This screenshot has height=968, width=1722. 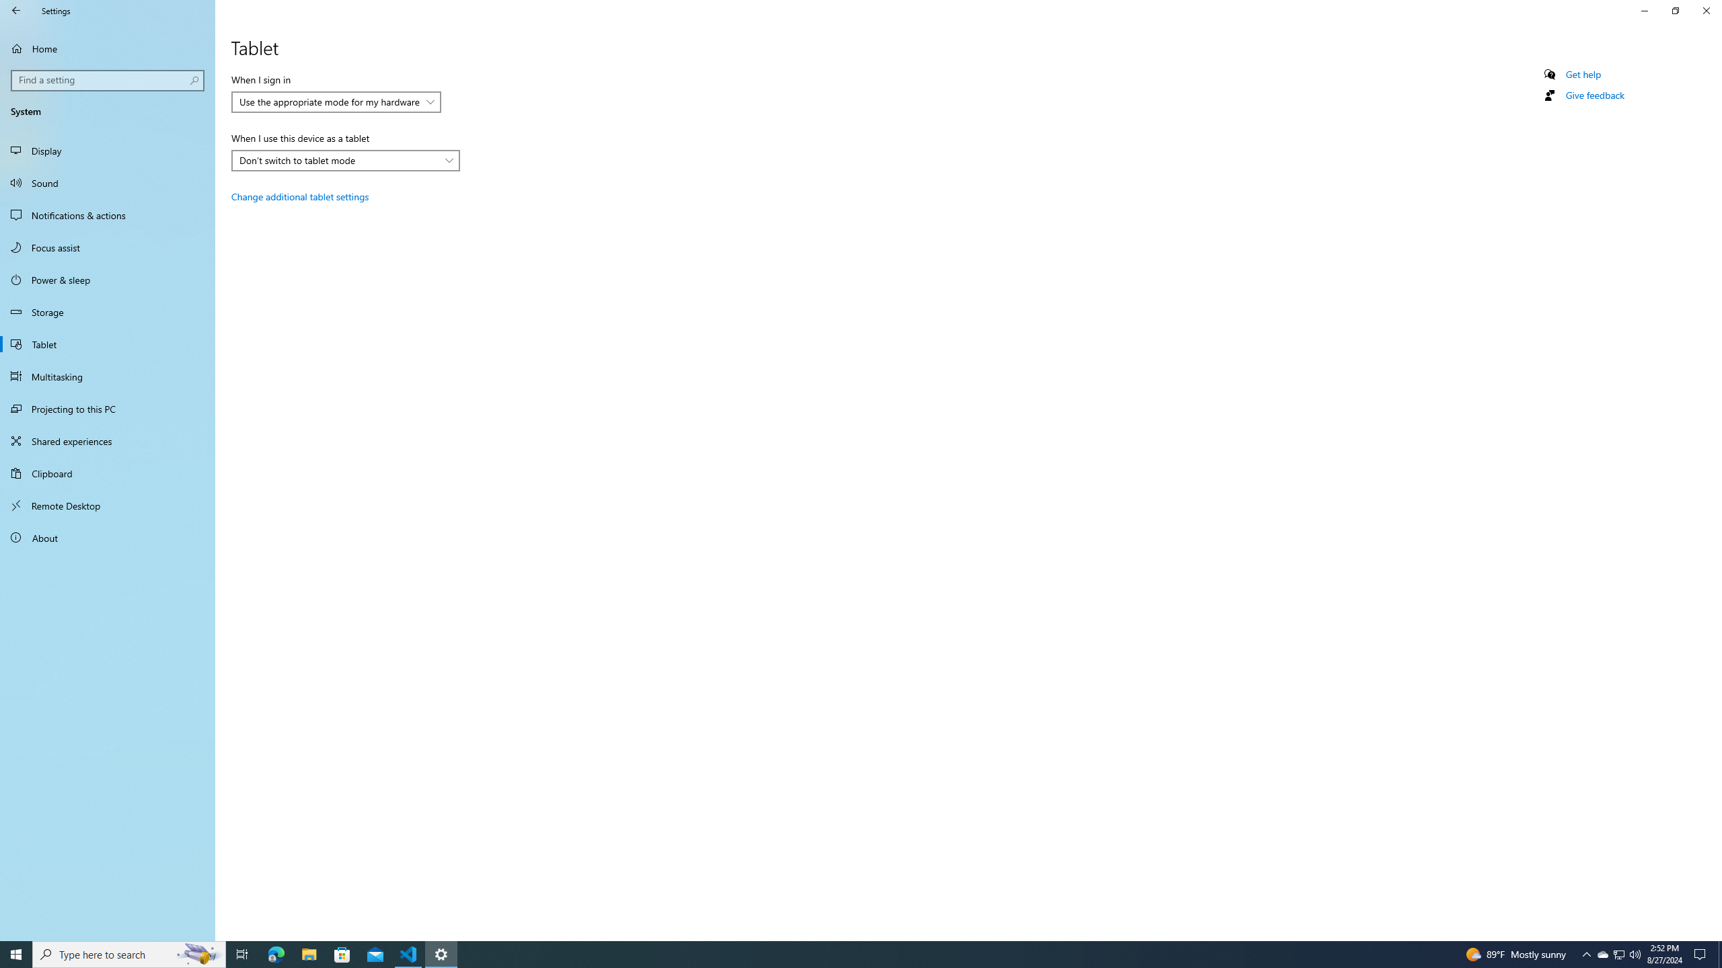 What do you see at coordinates (198, 953) in the screenshot?
I see `'Search highlights icon opens search home window'` at bounding box center [198, 953].